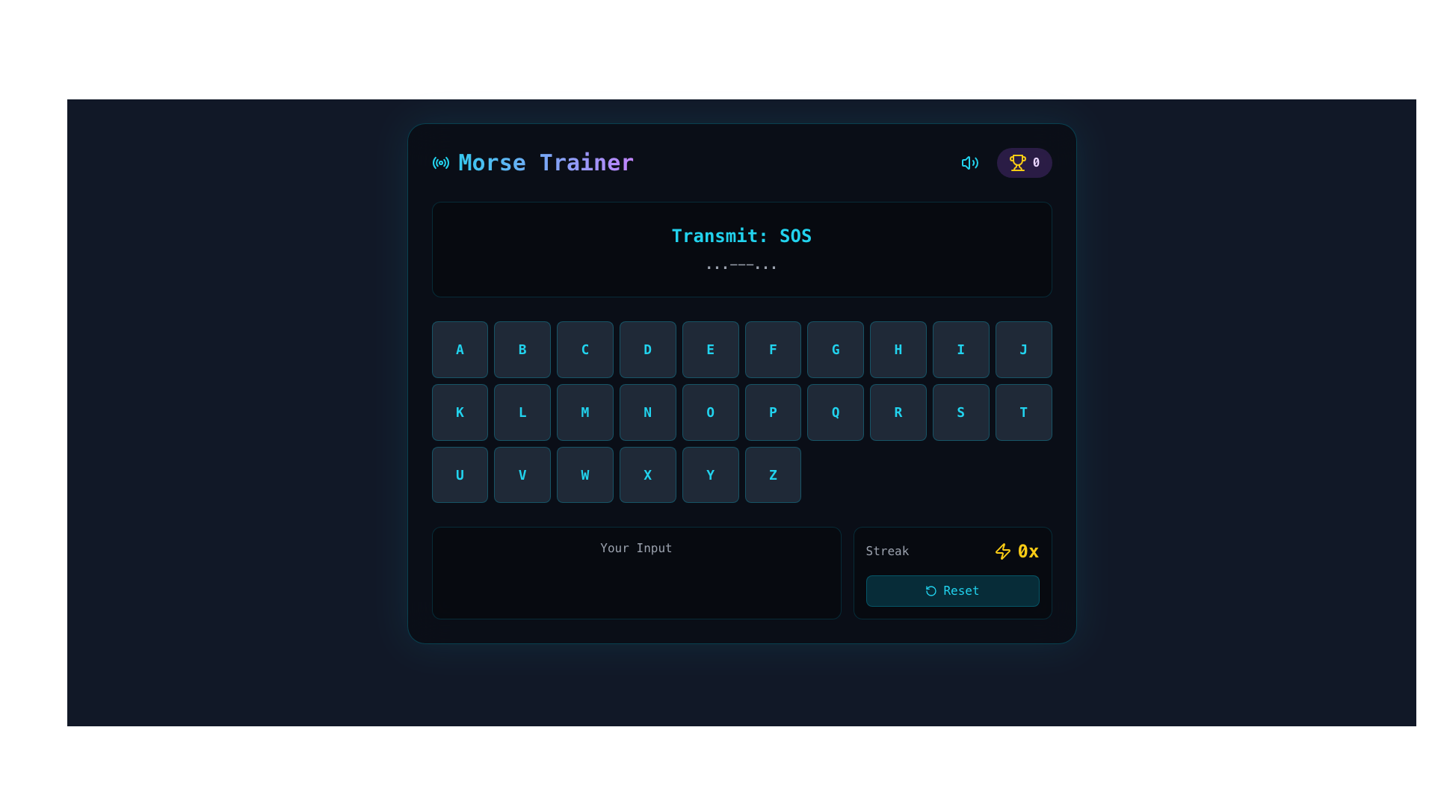 This screenshot has height=807, width=1435. Describe the element at coordinates (459, 349) in the screenshot. I see `the button styled as a square with rounded corners that has a dark background and displays the letter 'A' in bold cyan-colored font` at that location.